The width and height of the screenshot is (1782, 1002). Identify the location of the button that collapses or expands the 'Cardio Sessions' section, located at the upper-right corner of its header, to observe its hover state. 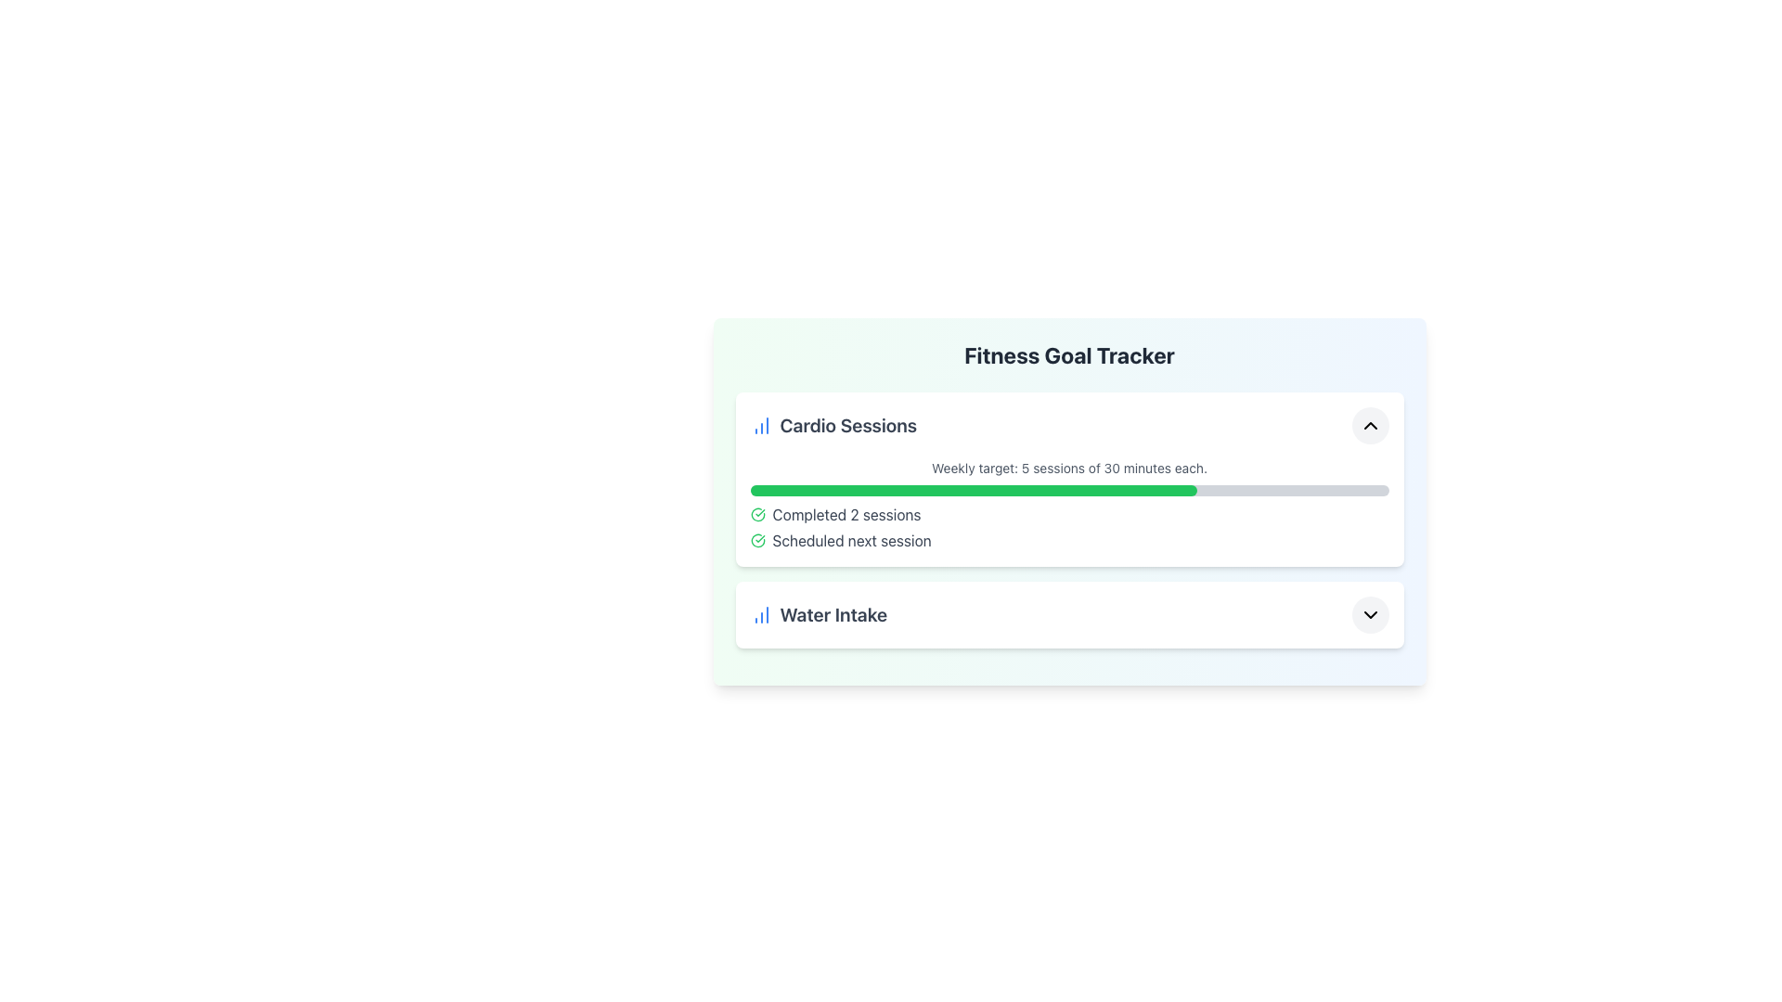
(1370, 426).